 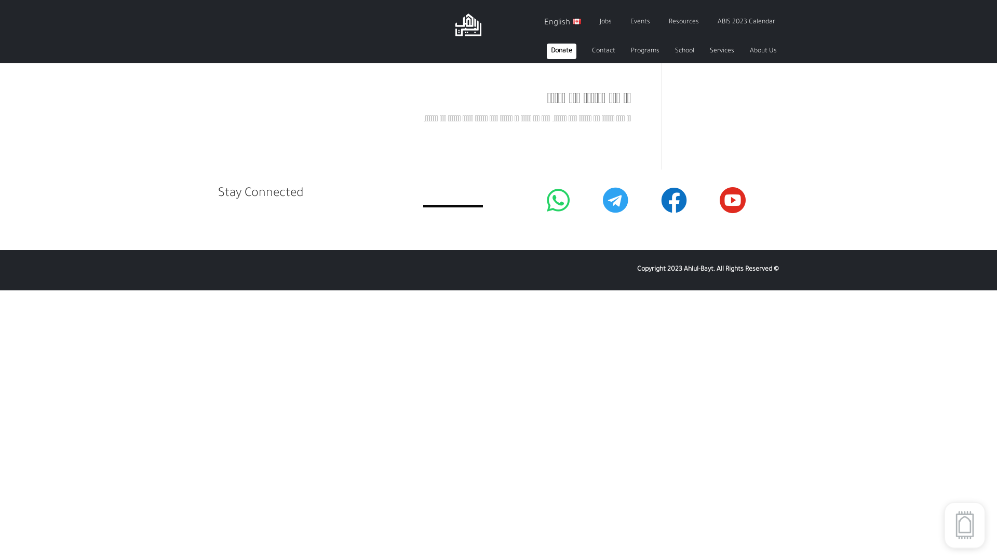 What do you see at coordinates (683, 22) in the screenshot?
I see `'Resources'` at bounding box center [683, 22].